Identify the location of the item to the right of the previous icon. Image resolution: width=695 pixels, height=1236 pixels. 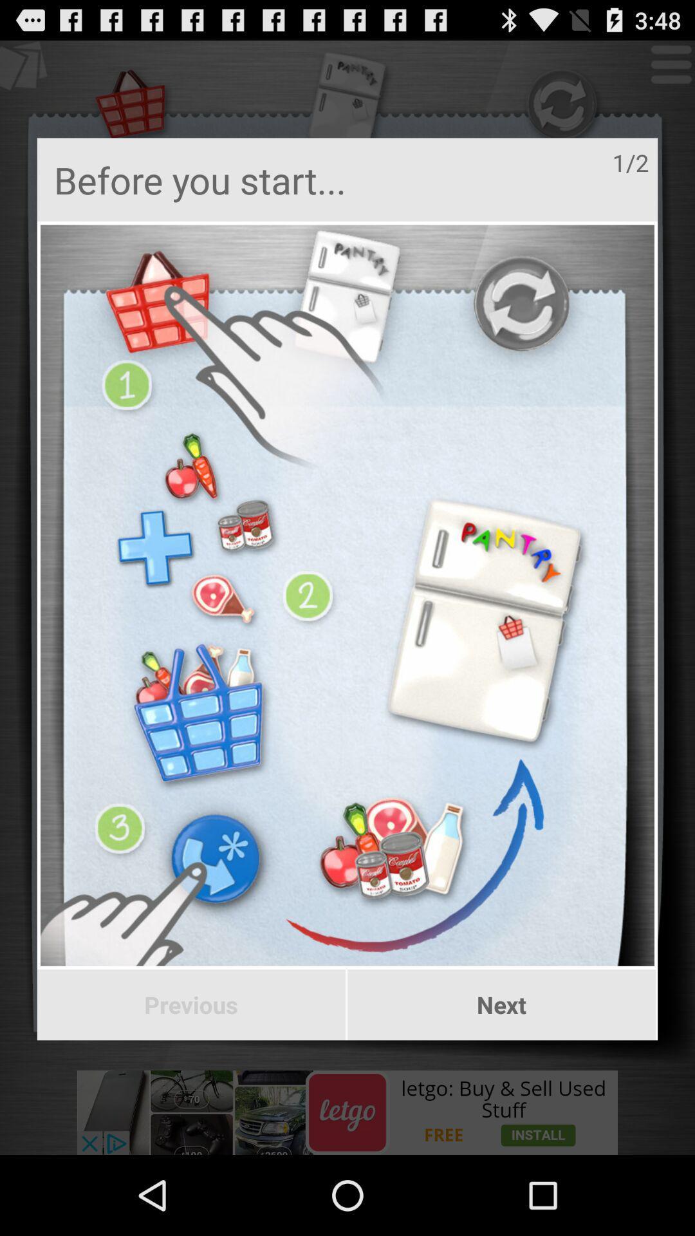
(501, 1004).